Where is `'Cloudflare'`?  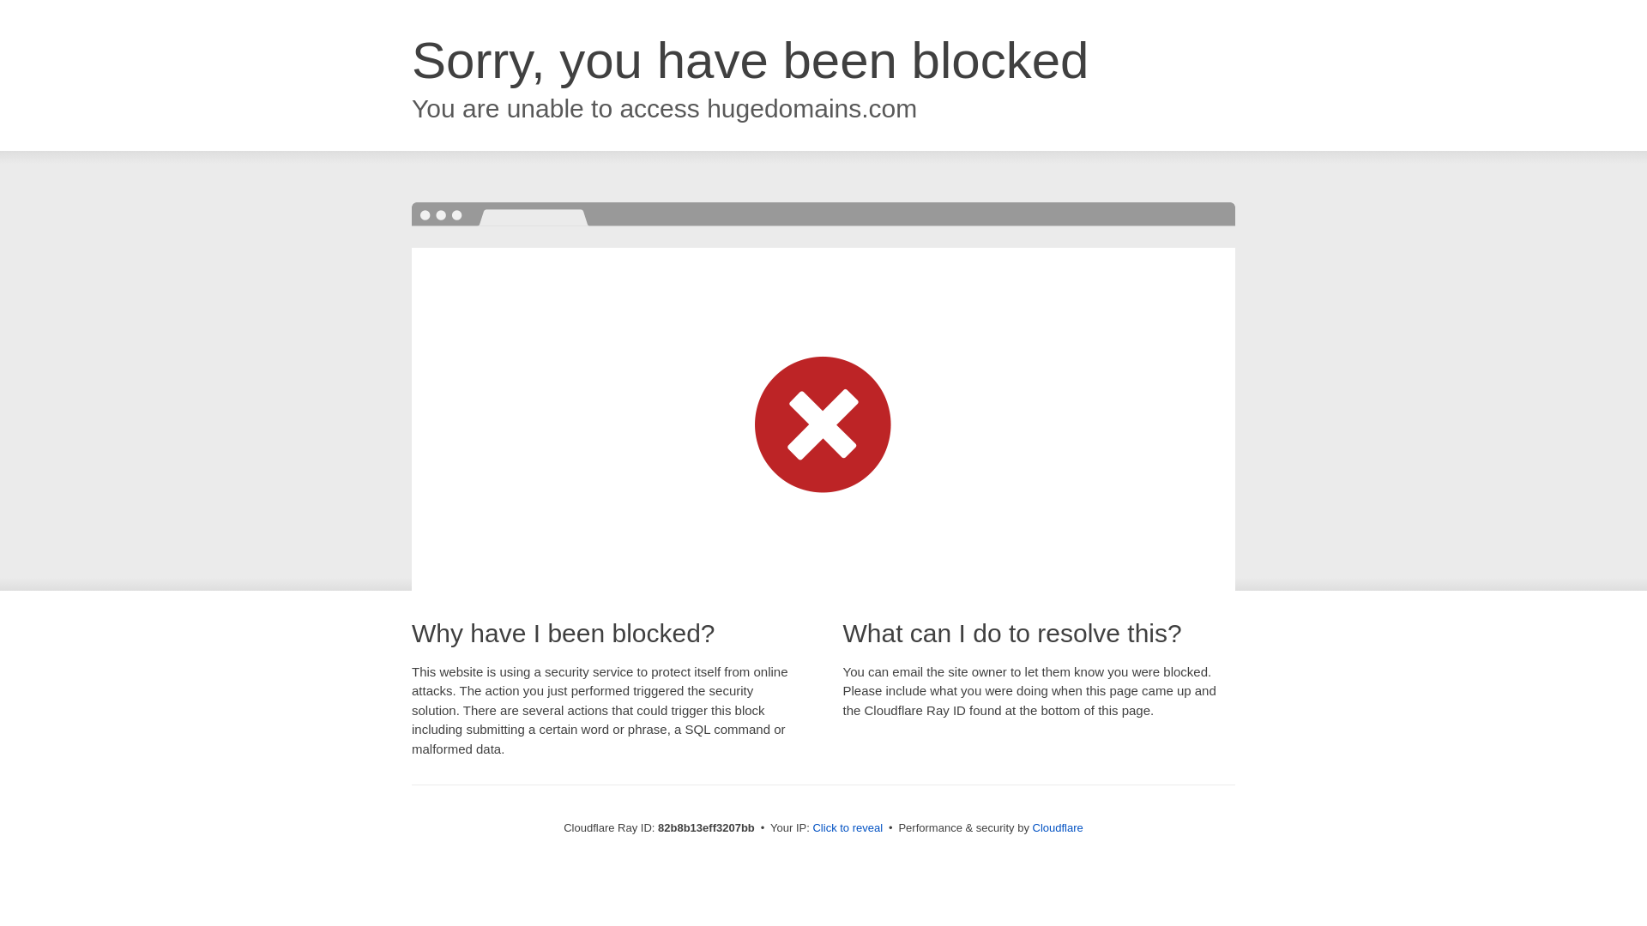 'Cloudflare' is located at coordinates (1057, 827).